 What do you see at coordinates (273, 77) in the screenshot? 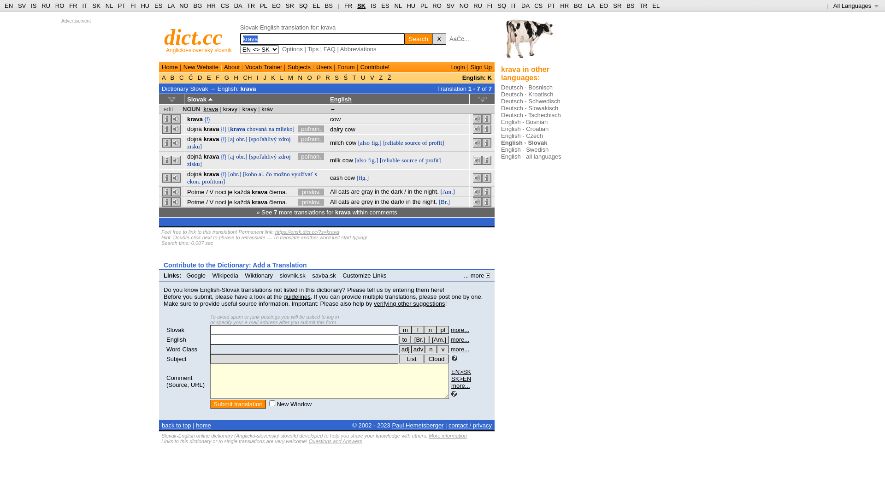
I see `'K'` at bounding box center [273, 77].